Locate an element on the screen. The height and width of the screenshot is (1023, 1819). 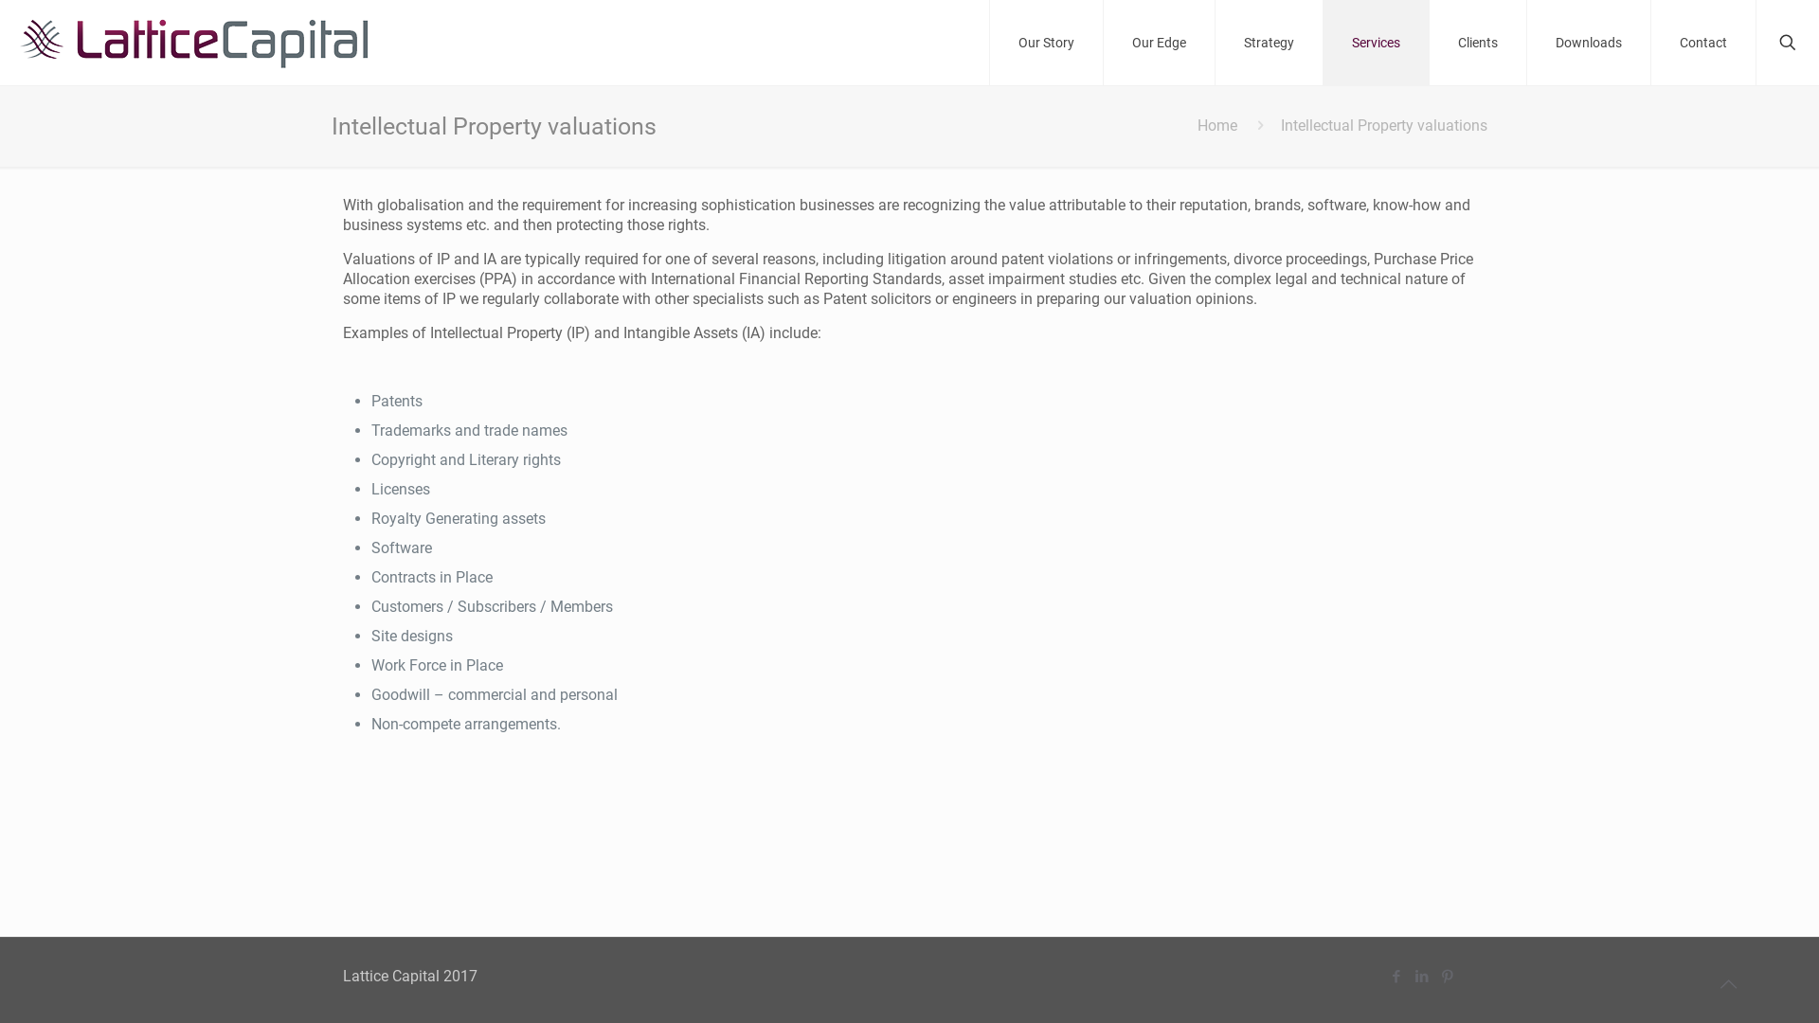
'Clients' is located at coordinates (1477, 43).